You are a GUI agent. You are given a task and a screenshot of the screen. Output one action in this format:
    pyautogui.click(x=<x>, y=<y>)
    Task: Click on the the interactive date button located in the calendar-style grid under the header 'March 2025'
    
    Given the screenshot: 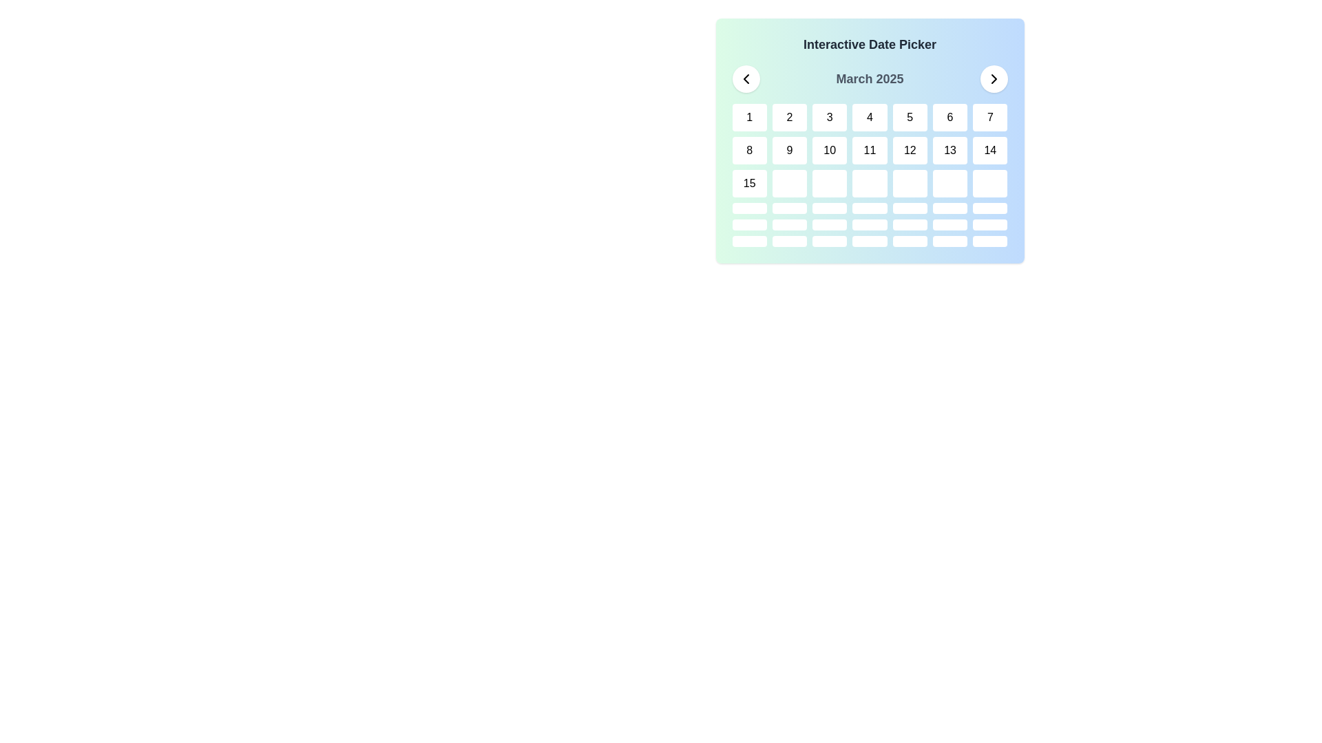 What is the action you would take?
    pyautogui.click(x=829, y=224)
    